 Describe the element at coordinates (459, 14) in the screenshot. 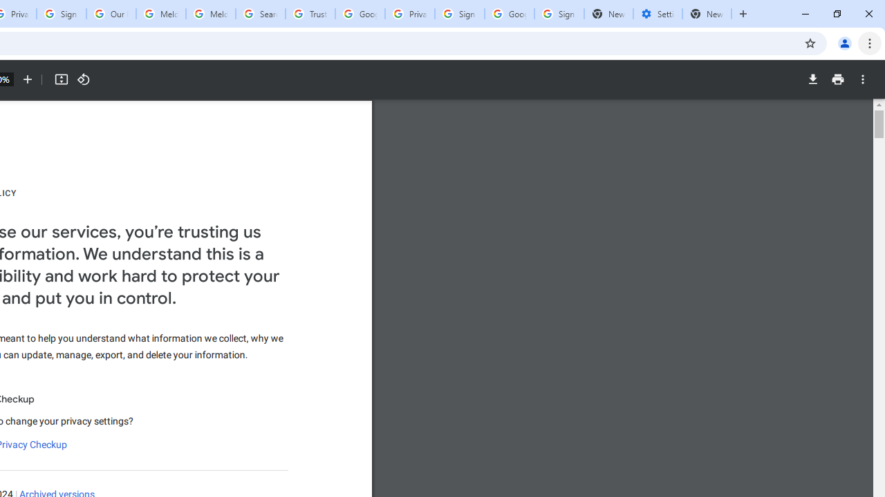

I see `'Sign in - Google Accounts'` at that location.